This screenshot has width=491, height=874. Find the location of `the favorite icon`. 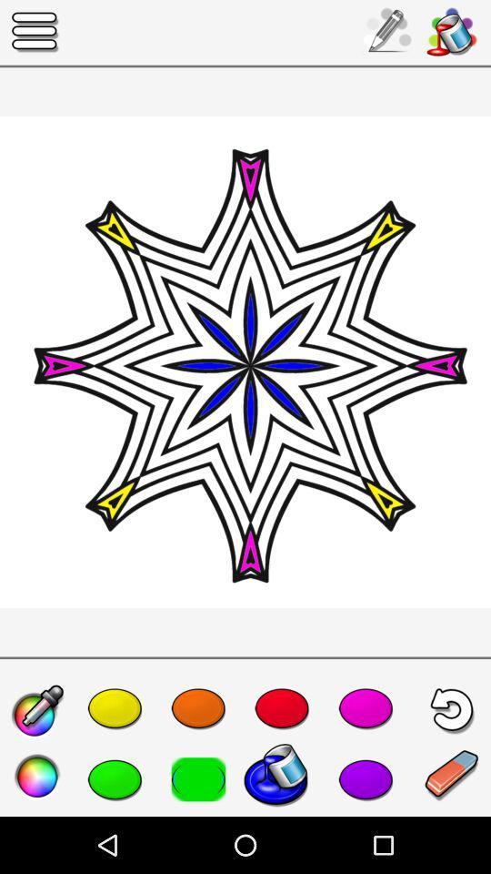

the favorite icon is located at coordinates (115, 778).